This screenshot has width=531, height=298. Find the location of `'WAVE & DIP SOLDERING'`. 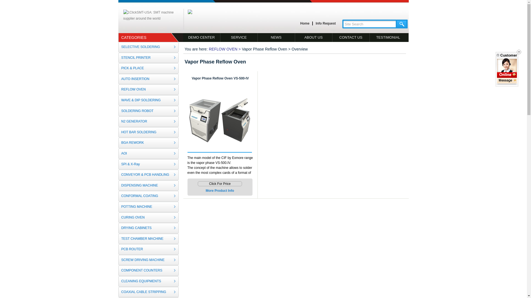

'WAVE & DIP SOLDERING' is located at coordinates (118, 100).